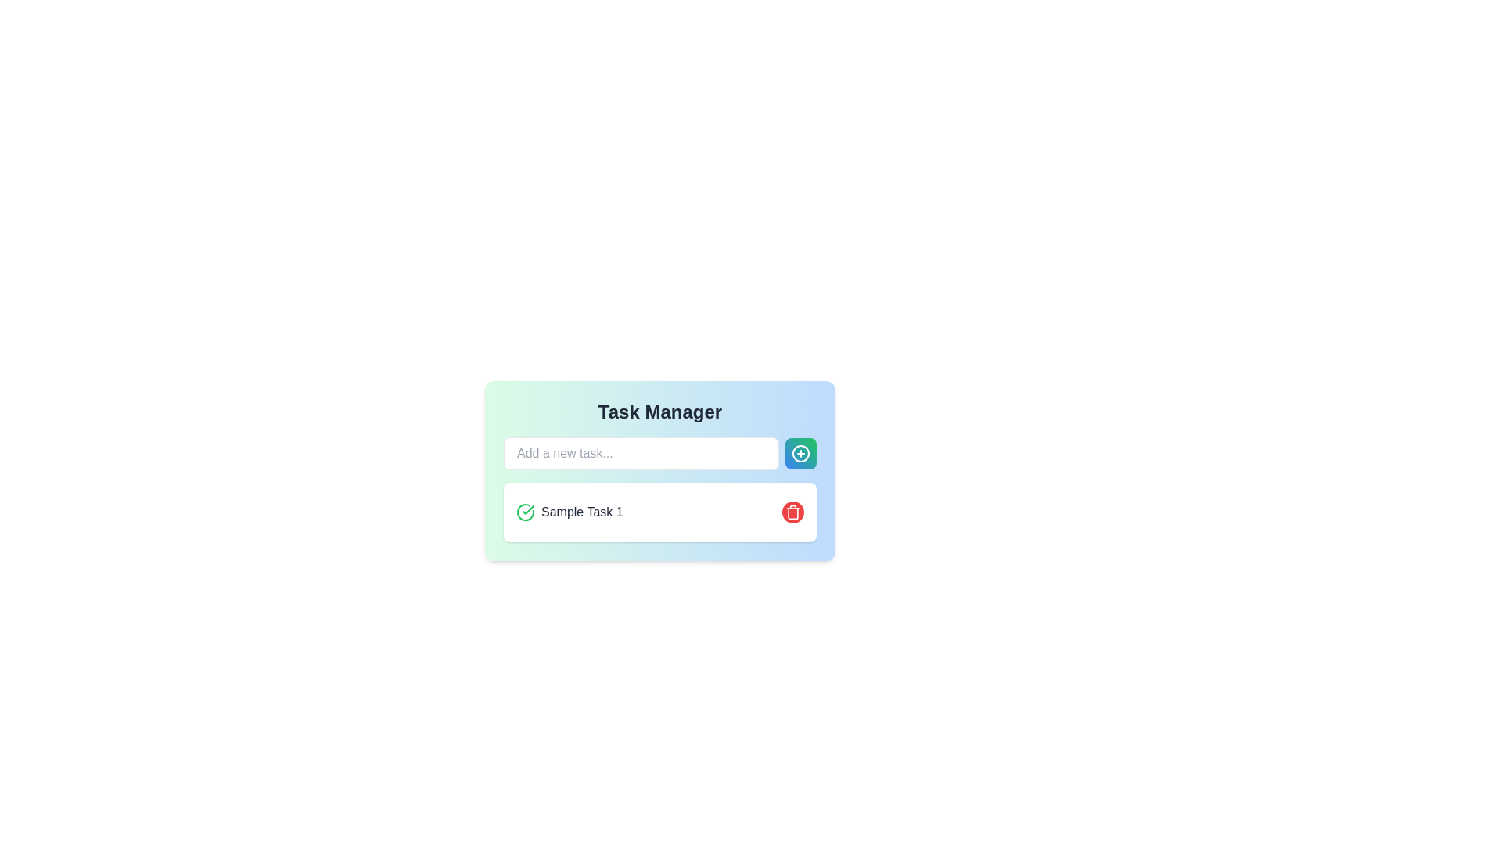 Image resolution: width=1502 pixels, height=845 pixels. Describe the element at coordinates (800, 453) in the screenshot. I see `the button with a gradient background transitioning from blue to green, which has a white circular icon with a '+' symbol inside, to change its gradient` at that location.